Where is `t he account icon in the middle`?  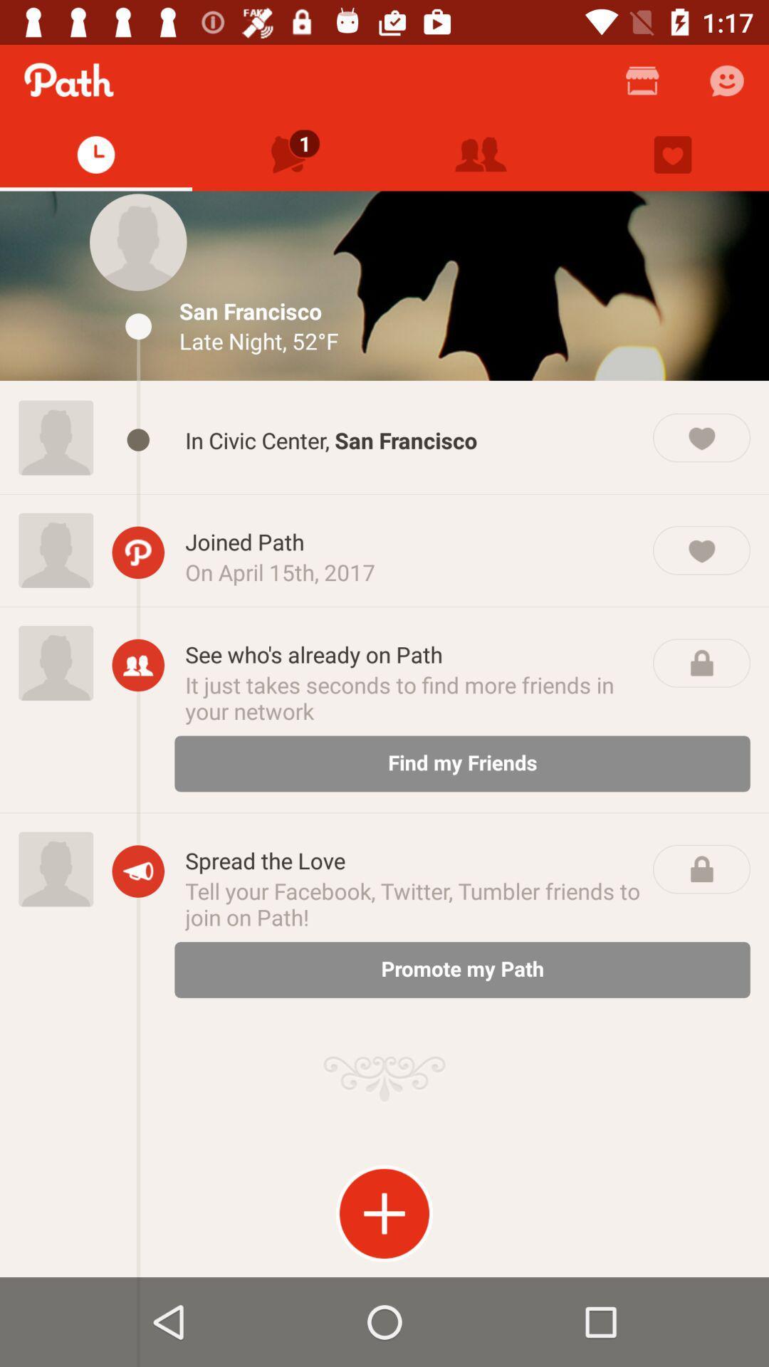 t he account icon in the middle is located at coordinates (138, 664).